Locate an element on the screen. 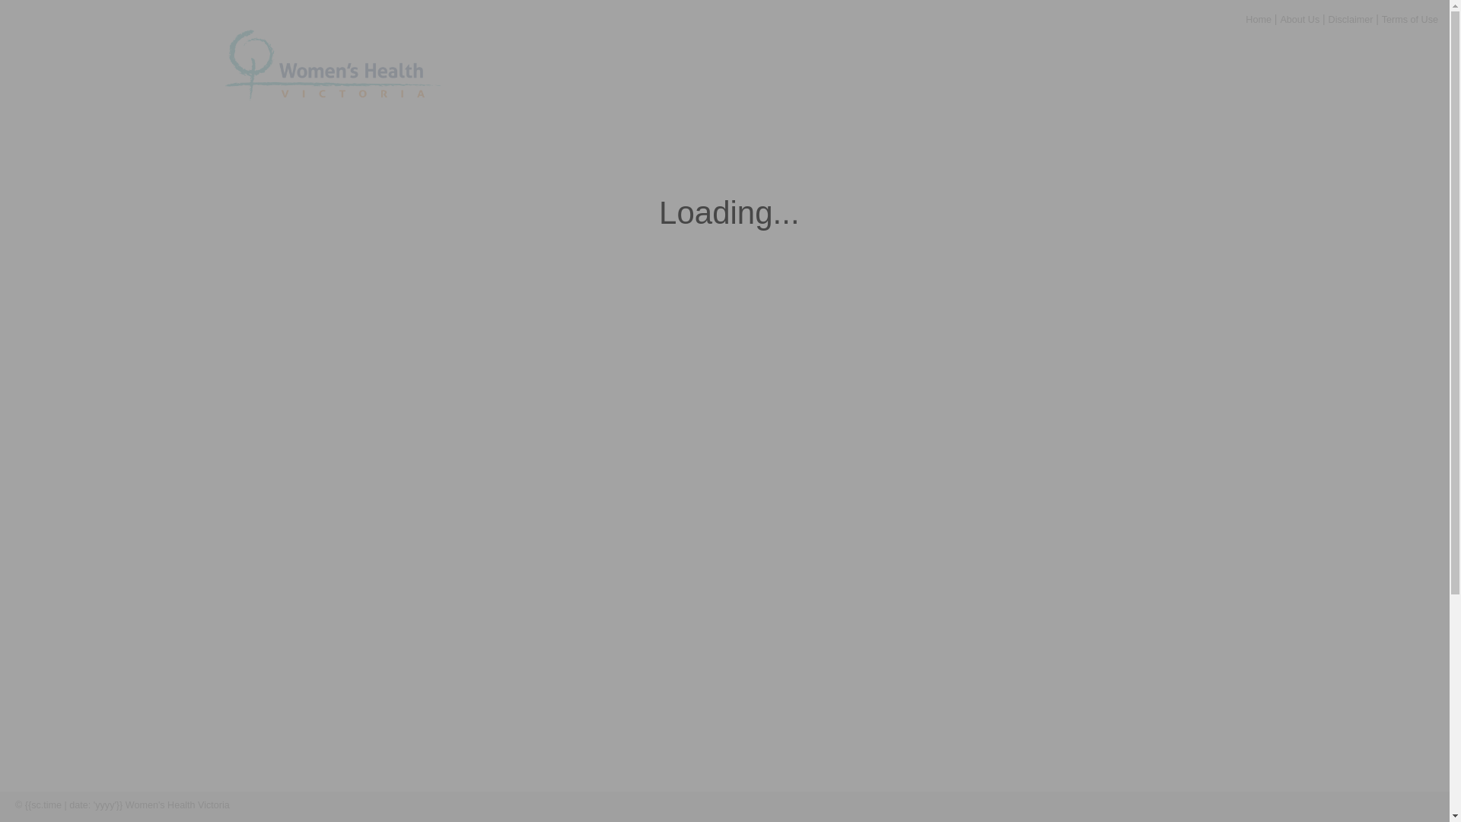  'Disclaimer' is located at coordinates (259, 804).